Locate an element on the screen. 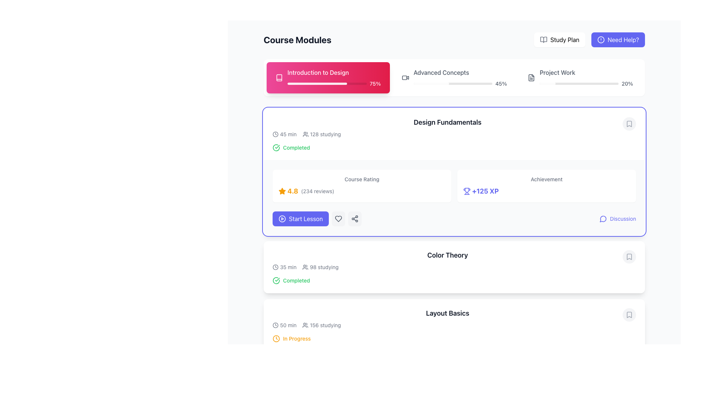 This screenshot has width=715, height=402. the sharing button icon located within the 'Design Fundamentals' module card, positioned to the right of the 'Start Lesson' button and next to a heart-shaped icon is located at coordinates (354, 218).